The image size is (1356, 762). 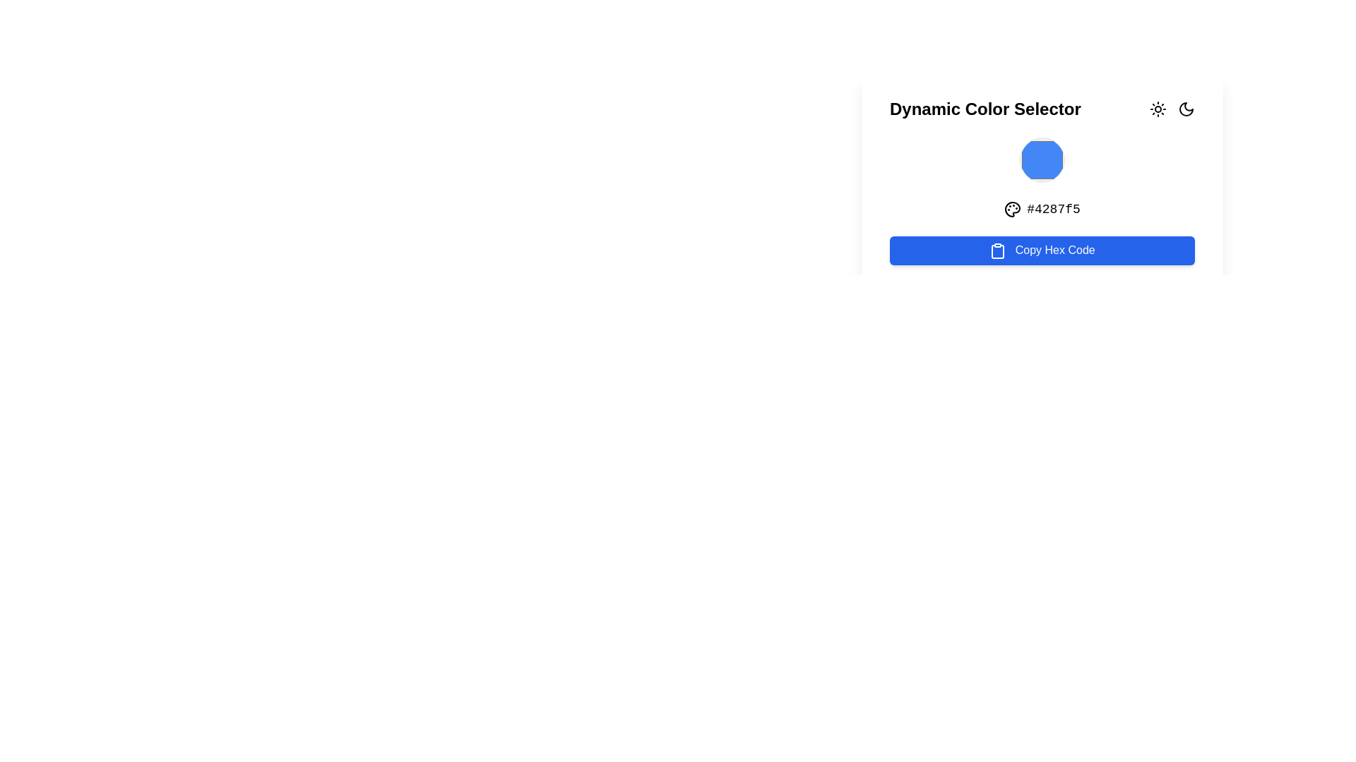 I want to click on the graphical palette icon located near the text '#4287f5' within the color selection interface, so click(x=1012, y=210).